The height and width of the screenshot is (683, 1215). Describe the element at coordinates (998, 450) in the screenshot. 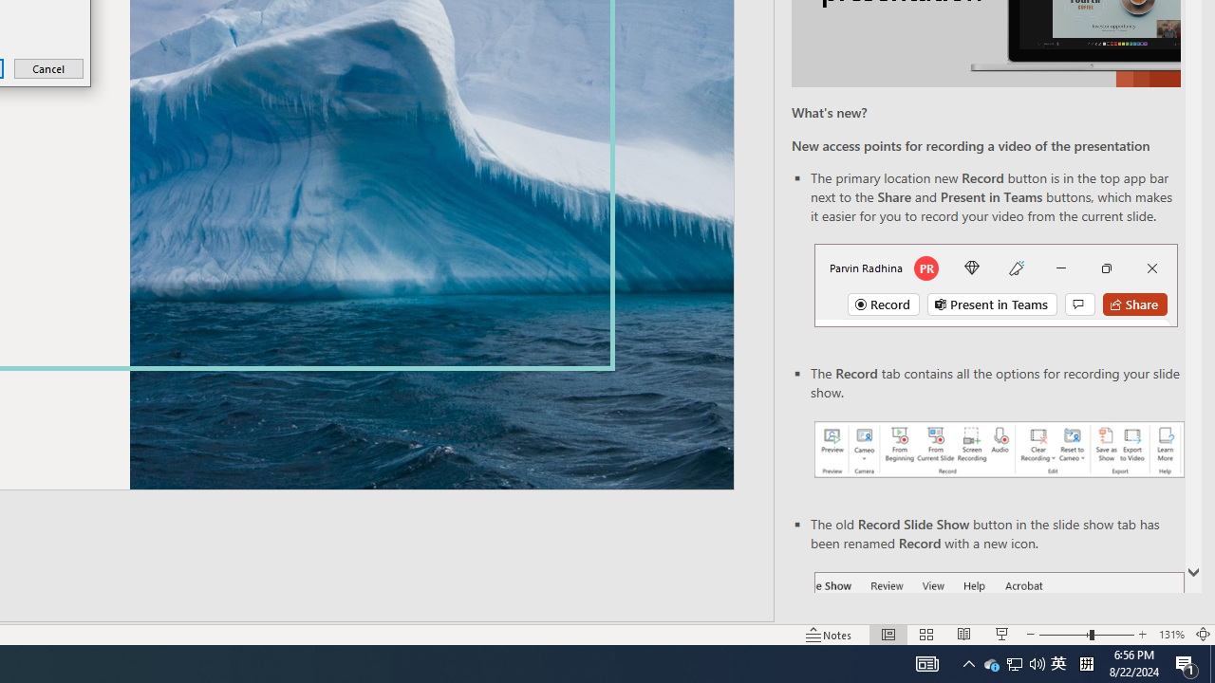

I see `'Record your presentations screenshot one'` at that location.